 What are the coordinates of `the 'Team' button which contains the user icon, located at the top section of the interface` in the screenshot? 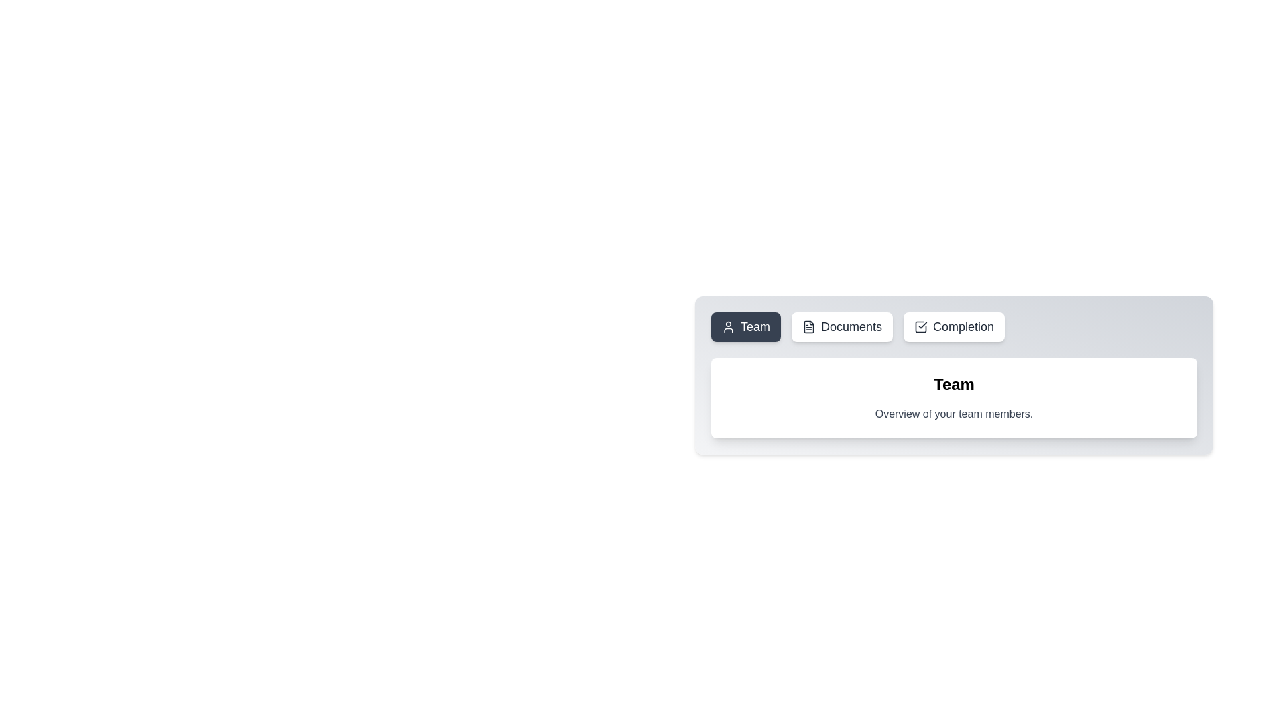 It's located at (727, 327).